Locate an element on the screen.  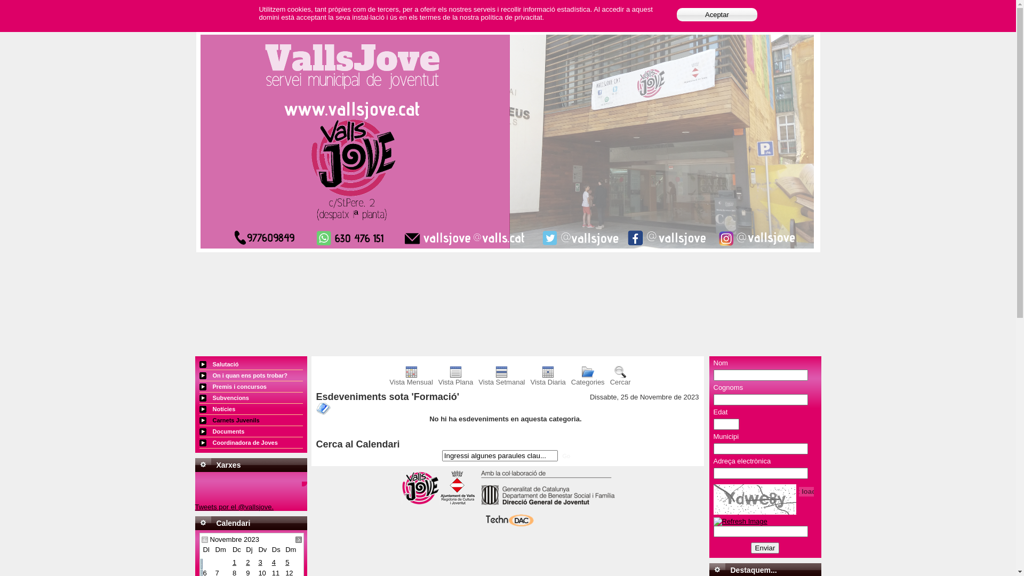
'Cercar' is located at coordinates (620, 378).